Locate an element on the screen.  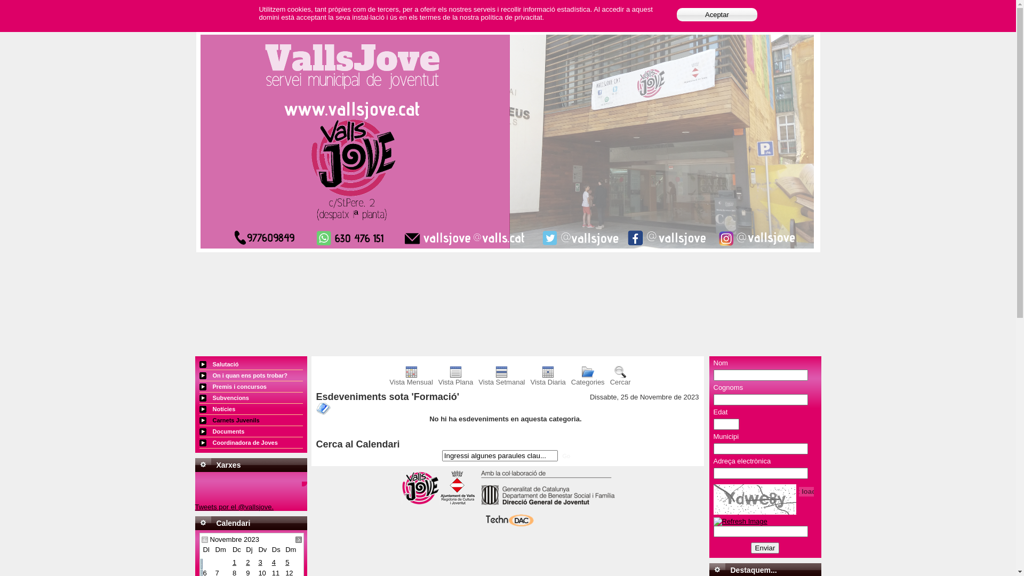
'Cercar' is located at coordinates (620, 378).